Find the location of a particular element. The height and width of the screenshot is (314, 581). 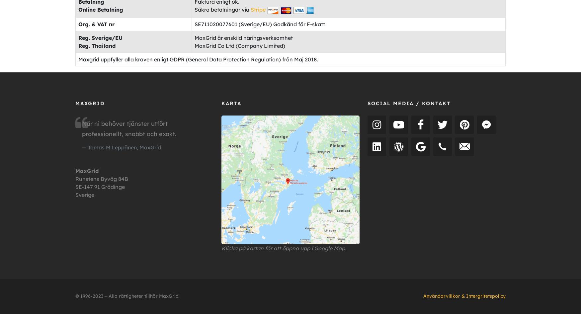

'SE711020077601 (Sverige/EU) Godkänd för F-skatt' is located at coordinates (259, 24).